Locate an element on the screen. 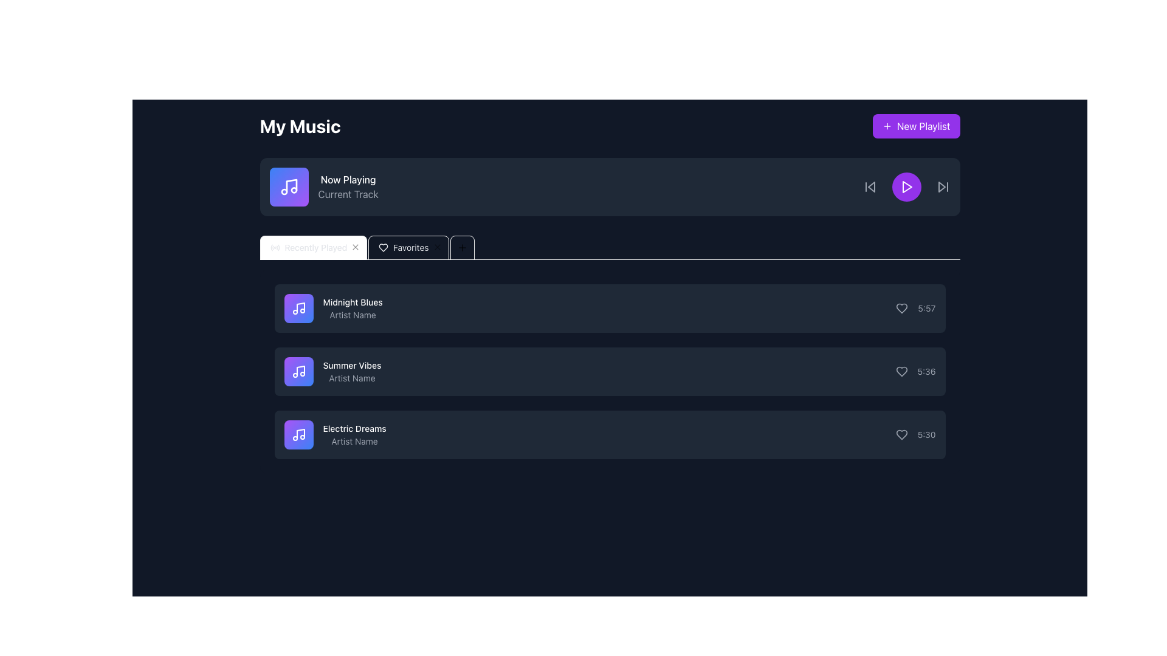 The height and width of the screenshot is (656, 1167). the heart-shaped red icon indicating a 'liked' action at the end of the 'Electric Dreams' list item is located at coordinates (901, 434).